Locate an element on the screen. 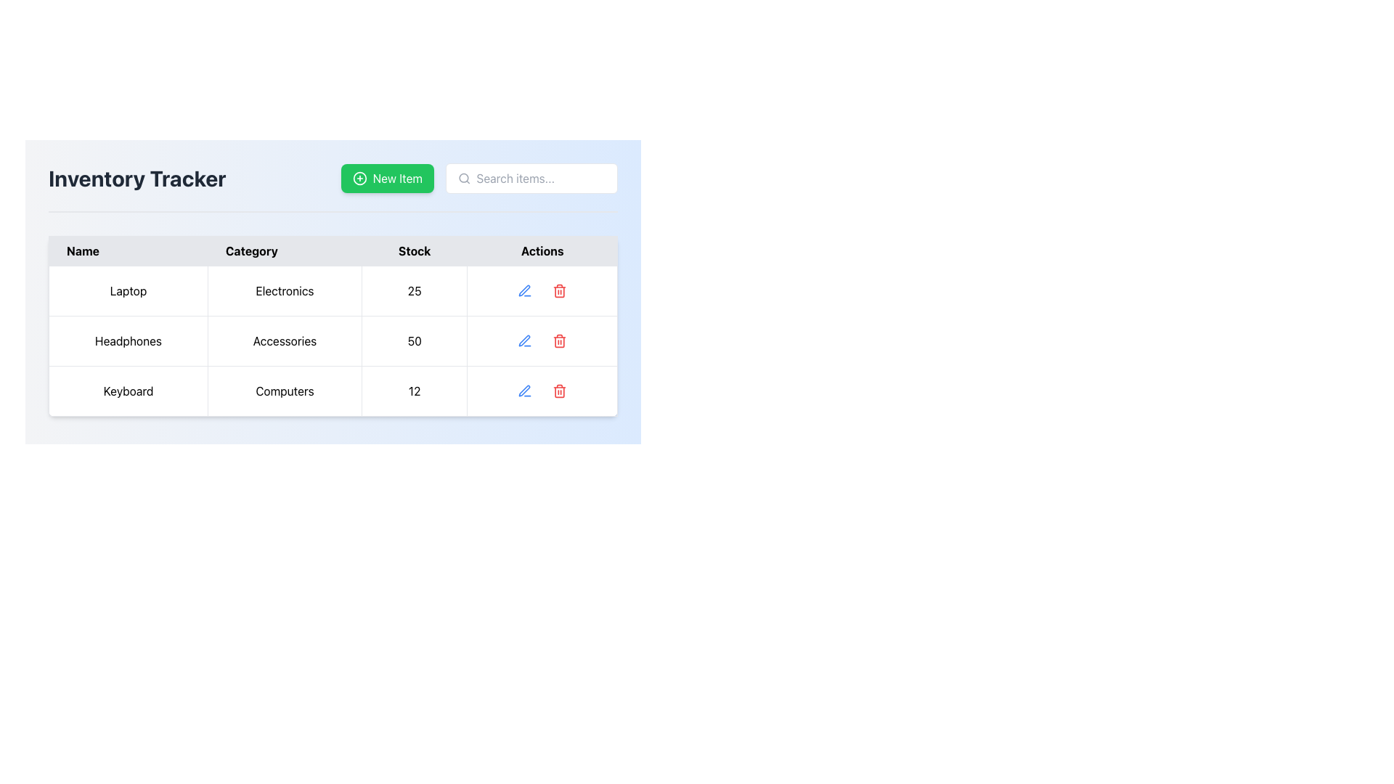  the trash icon button in the Actions column of the table row corresponding to 'Headphones' is located at coordinates (559, 341).